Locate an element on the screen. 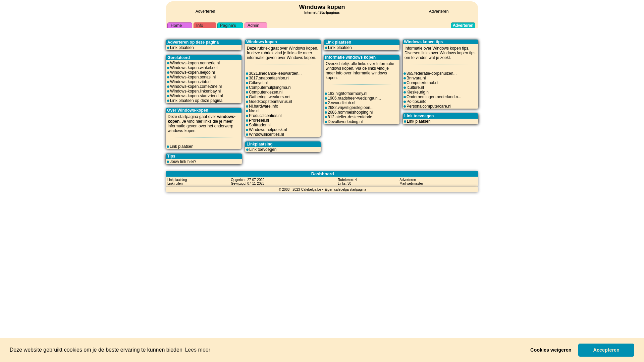  '2686.hommelshopping.nl' is located at coordinates (350, 112).